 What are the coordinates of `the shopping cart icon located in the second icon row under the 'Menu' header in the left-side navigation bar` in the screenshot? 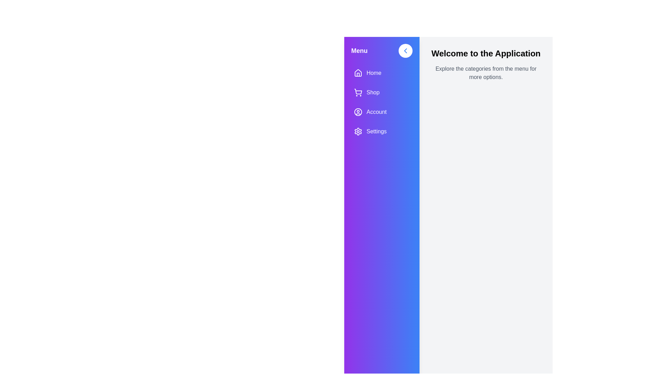 It's located at (358, 91).